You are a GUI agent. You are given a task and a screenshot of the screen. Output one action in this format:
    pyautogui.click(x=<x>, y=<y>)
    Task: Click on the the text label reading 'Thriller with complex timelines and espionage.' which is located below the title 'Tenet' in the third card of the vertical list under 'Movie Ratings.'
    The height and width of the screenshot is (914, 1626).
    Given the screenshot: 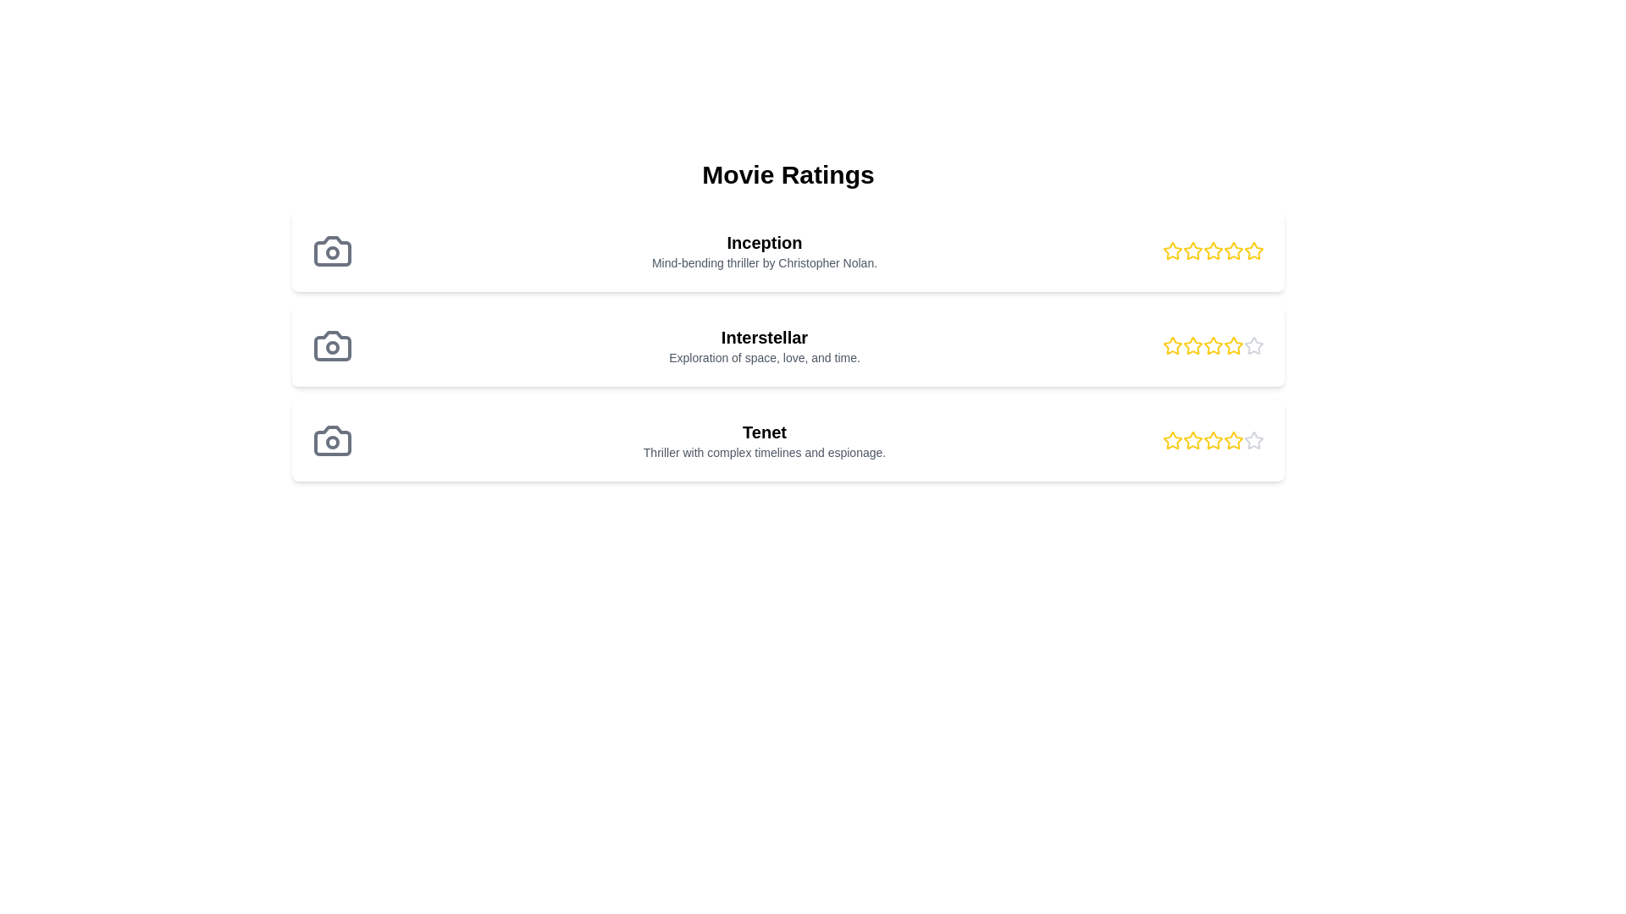 What is the action you would take?
    pyautogui.click(x=763, y=452)
    